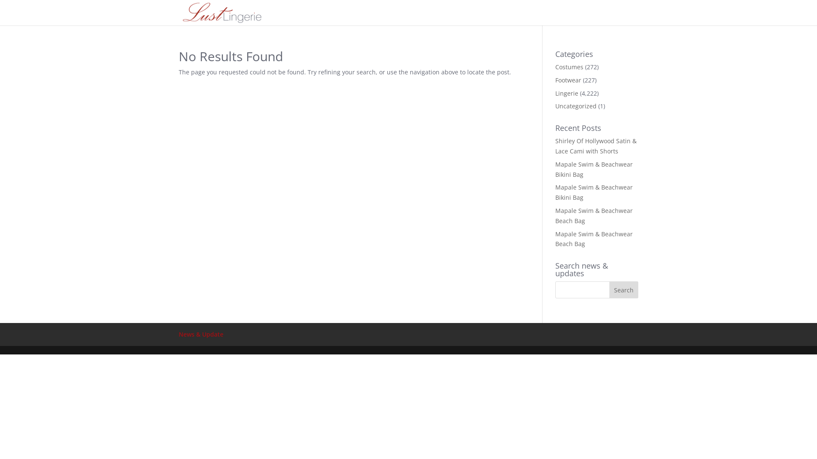  Describe the element at coordinates (594, 239) in the screenshot. I see `'Mapale Swim & Beachwear Beach Bag'` at that location.